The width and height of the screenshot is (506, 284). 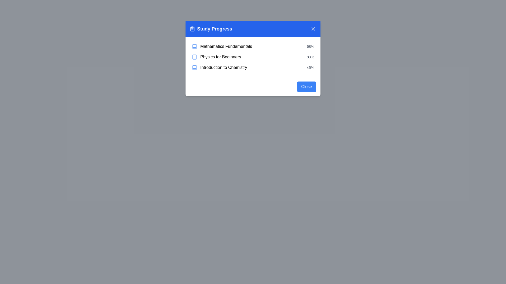 What do you see at coordinates (253, 57) in the screenshot?
I see `completion status information of the course 'Physics for Beginners' located in the second row of the vertically stacked list, positioned between 'Mathematics Fundamentals' and 'Introduction to Chemistry'` at bounding box center [253, 57].